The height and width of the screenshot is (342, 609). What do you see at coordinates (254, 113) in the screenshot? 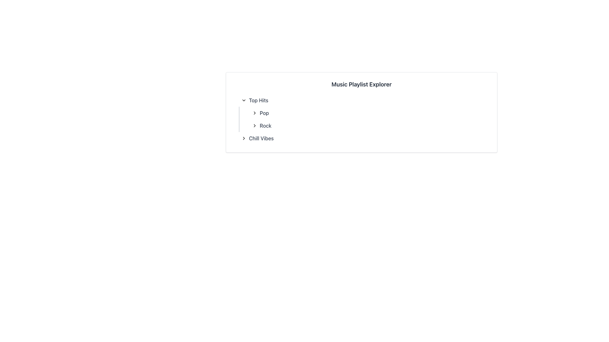
I see `the right-pointing chevron icon next to the 'Pop' text label in the 'Music Playlist Explorer' interface` at bounding box center [254, 113].